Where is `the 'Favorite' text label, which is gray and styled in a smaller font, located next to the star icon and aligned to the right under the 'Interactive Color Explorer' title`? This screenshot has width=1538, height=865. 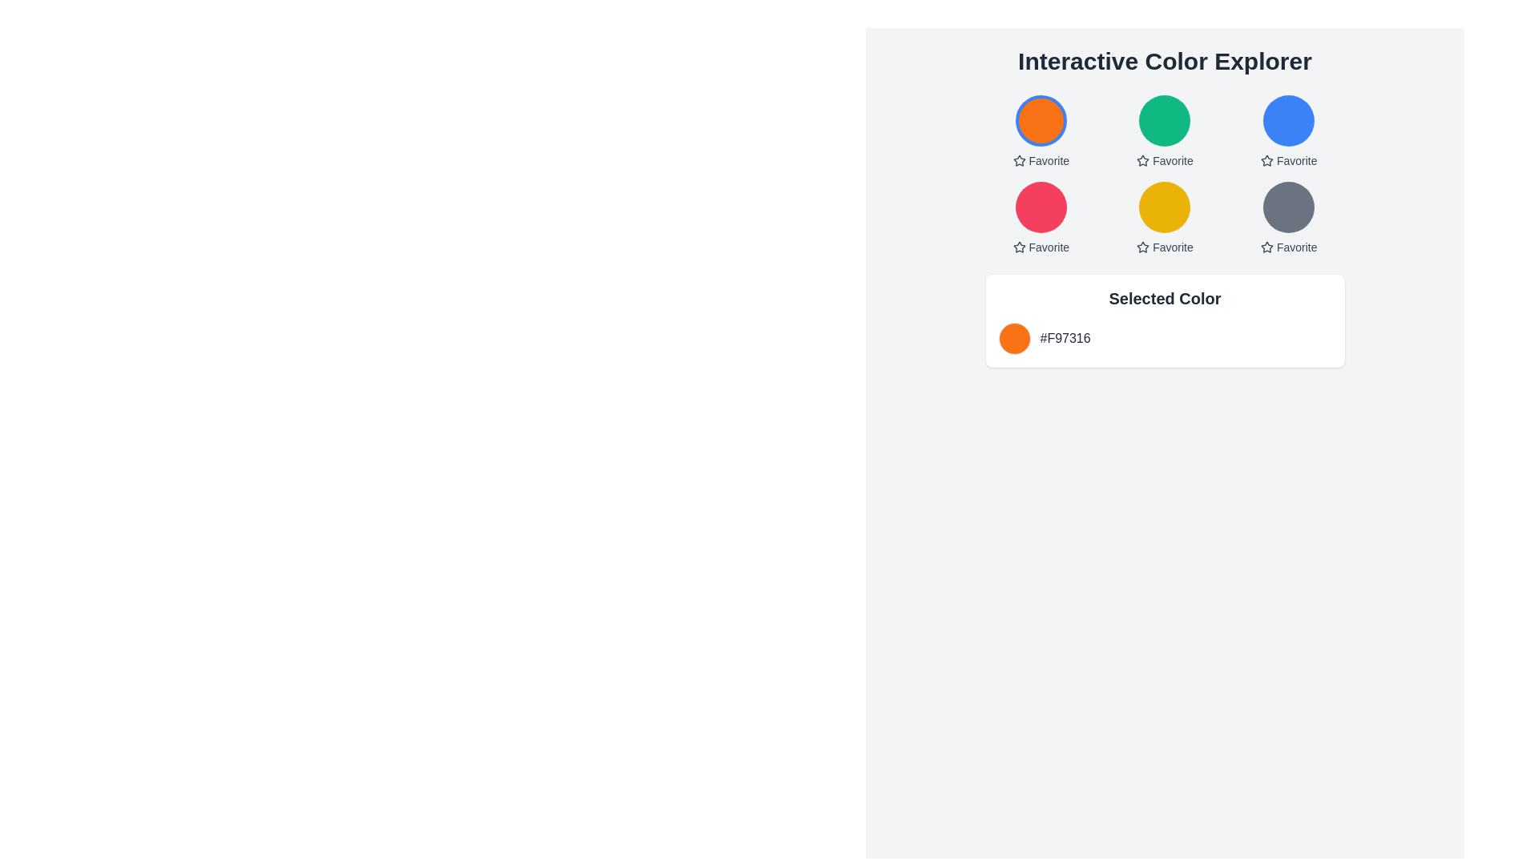 the 'Favorite' text label, which is gray and styled in a smaller font, located next to the star icon and aligned to the right under the 'Interactive Color Explorer' title is located at coordinates (1297, 247).